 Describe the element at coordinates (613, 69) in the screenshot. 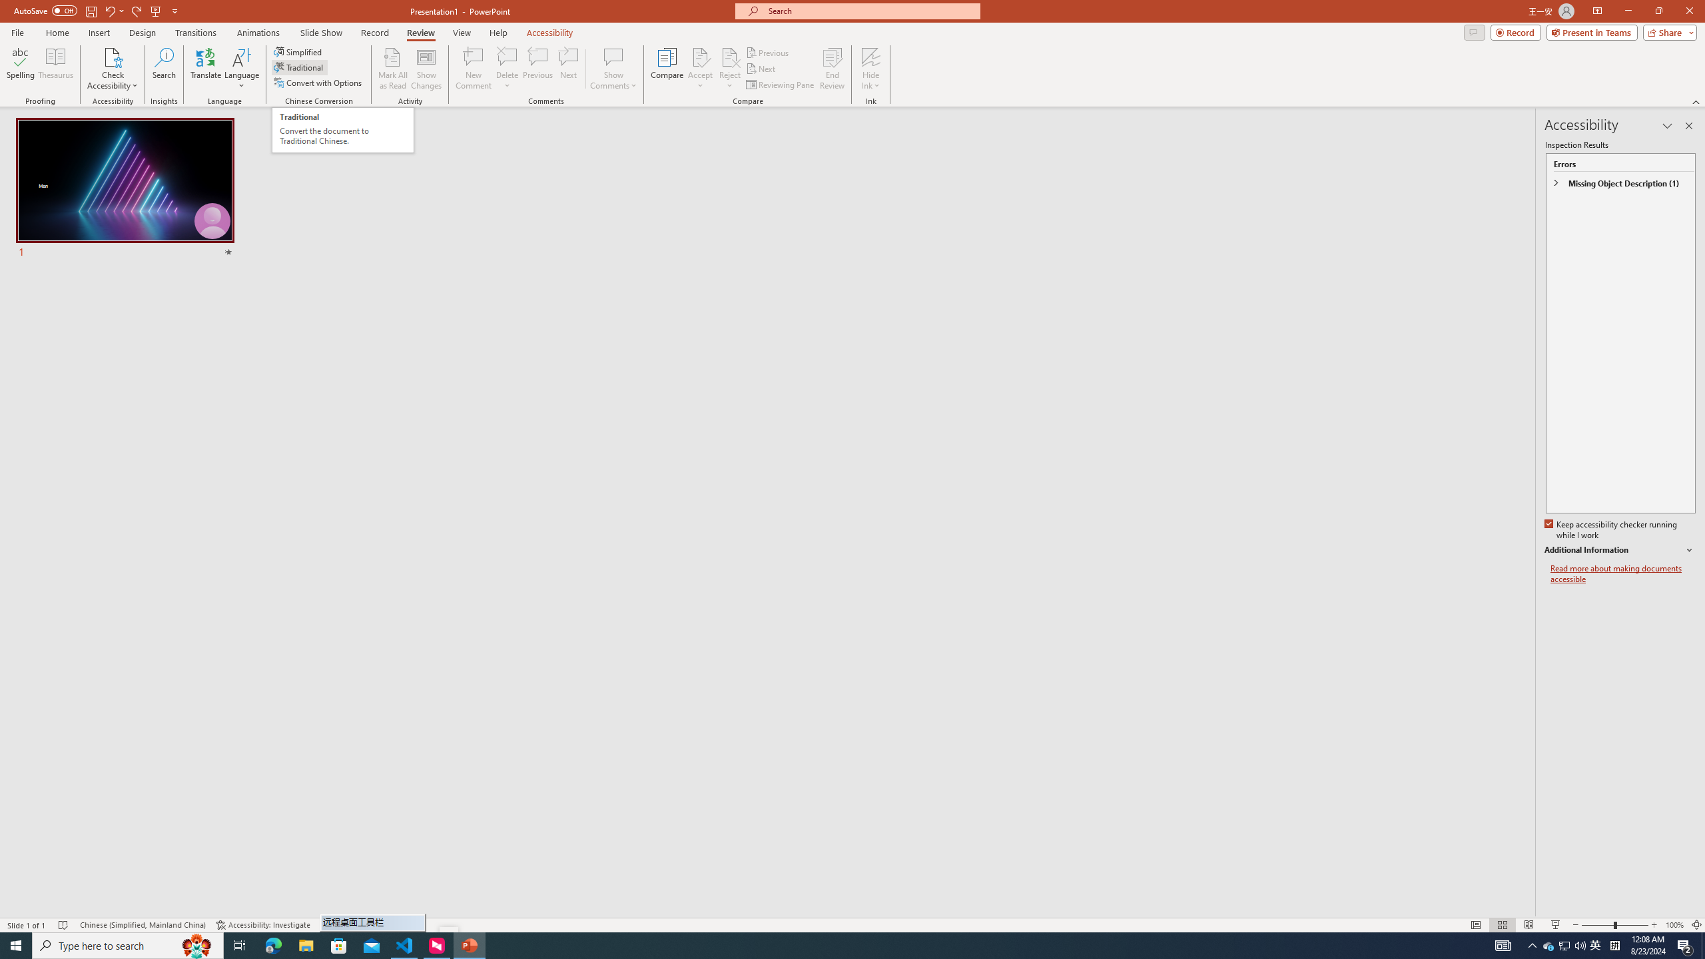

I see `'Show Comments'` at that location.